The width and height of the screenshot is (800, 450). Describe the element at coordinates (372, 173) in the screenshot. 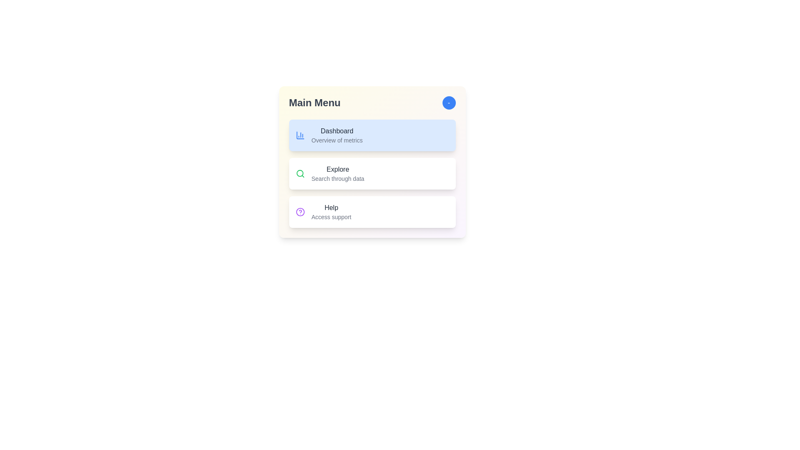

I see `the menu item Explore by clicking on it` at that location.